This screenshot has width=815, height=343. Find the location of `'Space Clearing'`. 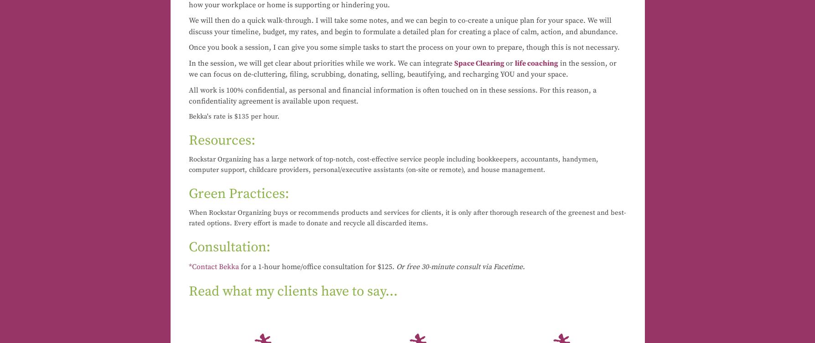

'Space Clearing' is located at coordinates (478, 62).